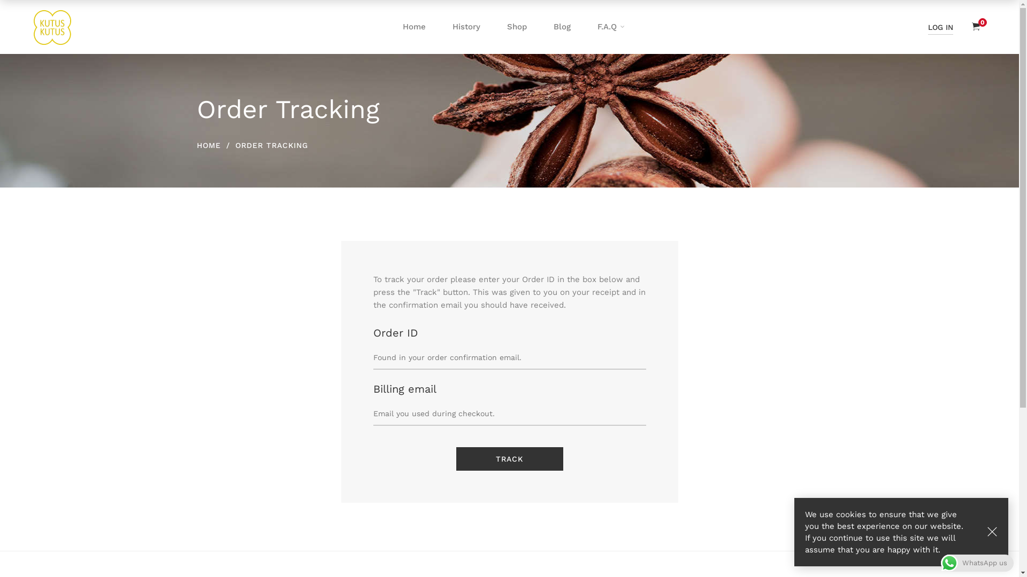 Image resolution: width=1027 pixels, height=577 pixels. Describe the element at coordinates (540, 26) in the screenshot. I see `'Blog'` at that location.